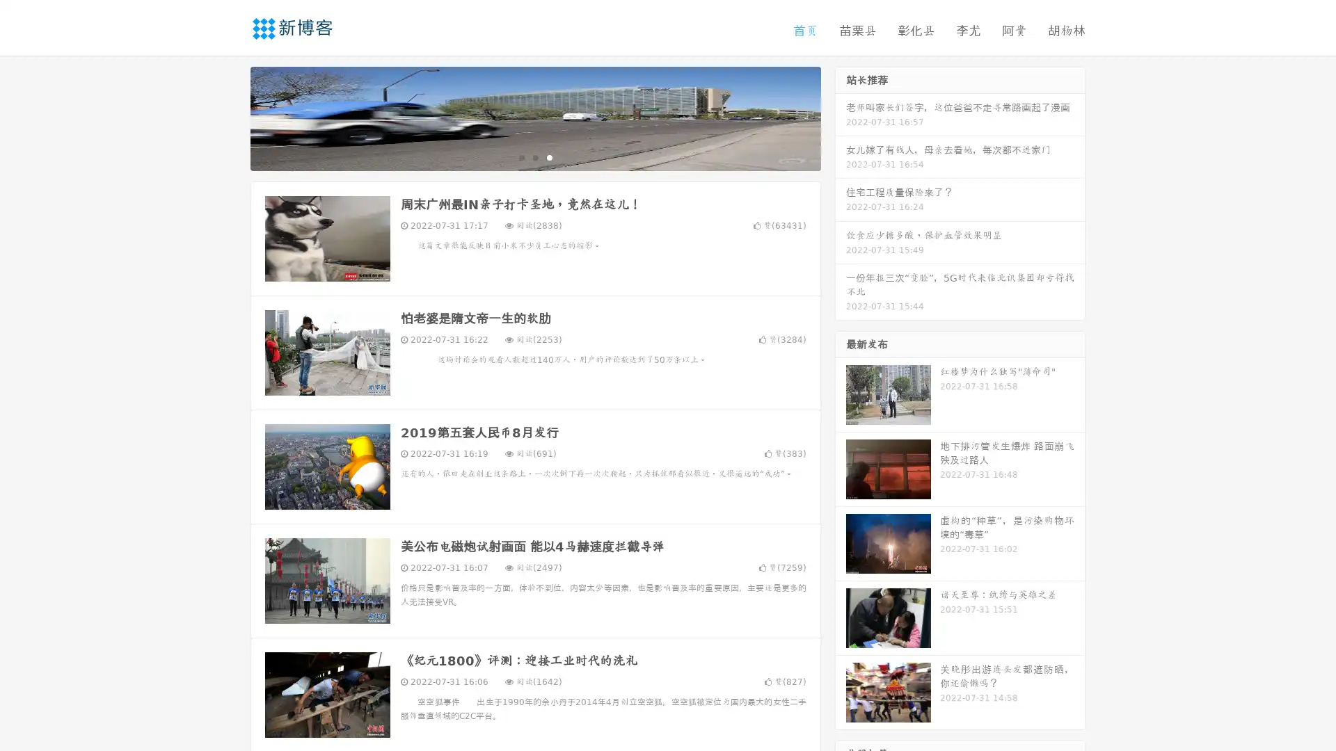 The width and height of the screenshot is (1336, 751). Describe the element at coordinates (230, 117) in the screenshot. I see `Previous slide` at that location.